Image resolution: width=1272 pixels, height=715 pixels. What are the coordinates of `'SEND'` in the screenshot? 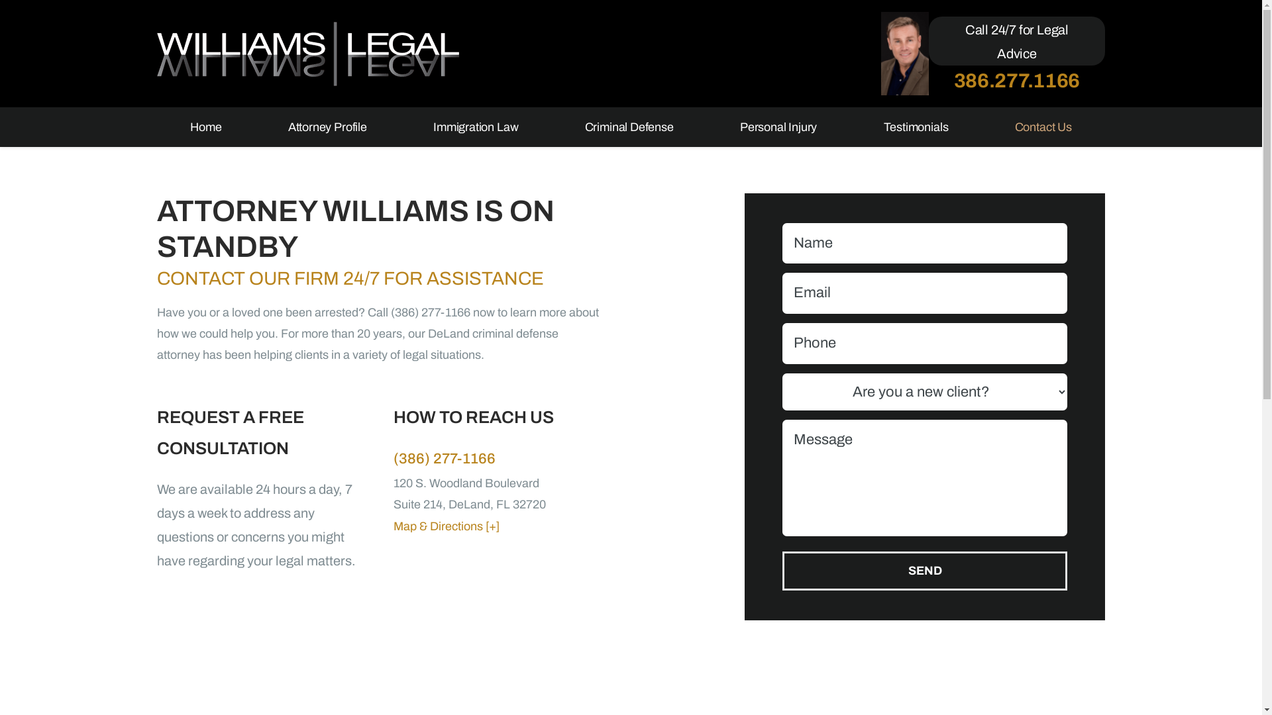 It's located at (924, 569).